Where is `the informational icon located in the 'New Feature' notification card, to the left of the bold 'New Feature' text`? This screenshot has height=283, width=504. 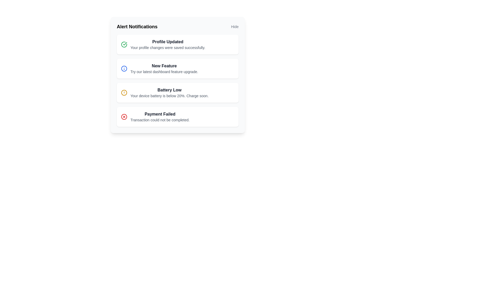 the informational icon located in the 'New Feature' notification card, to the left of the bold 'New Feature' text is located at coordinates (124, 68).